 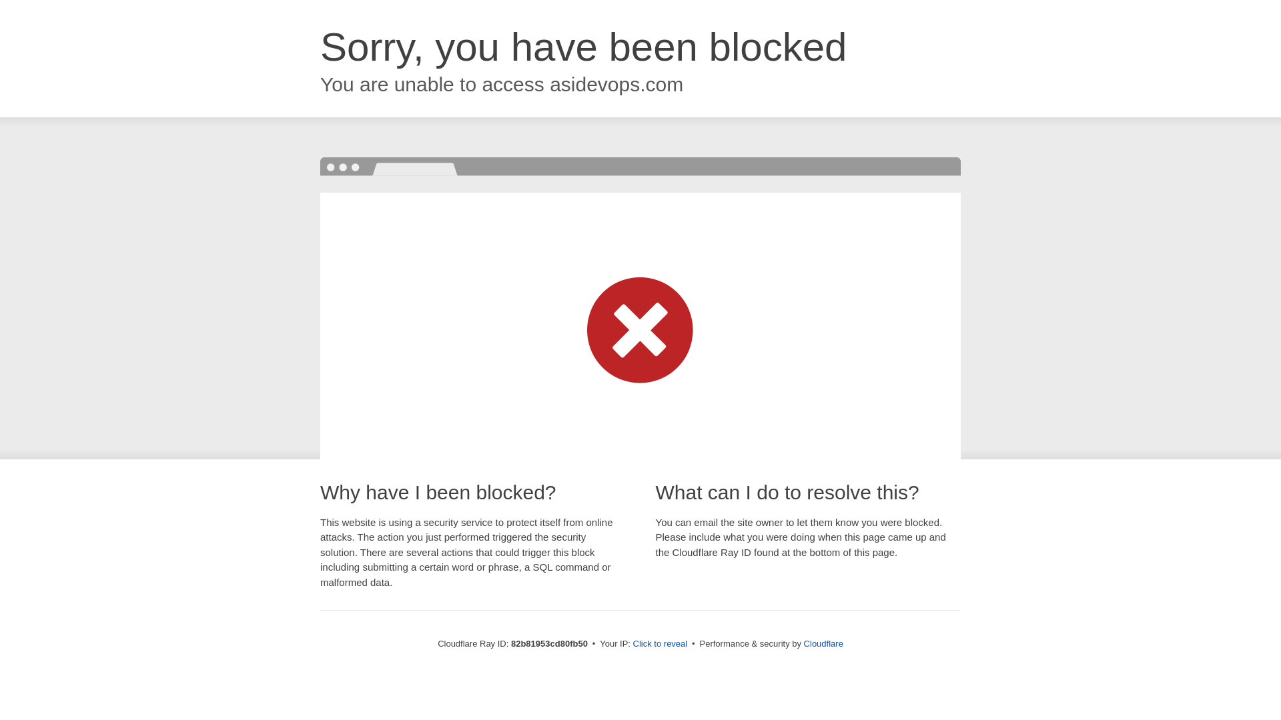 What do you see at coordinates (823, 643) in the screenshot?
I see `'Cloudflare'` at bounding box center [823, 643].